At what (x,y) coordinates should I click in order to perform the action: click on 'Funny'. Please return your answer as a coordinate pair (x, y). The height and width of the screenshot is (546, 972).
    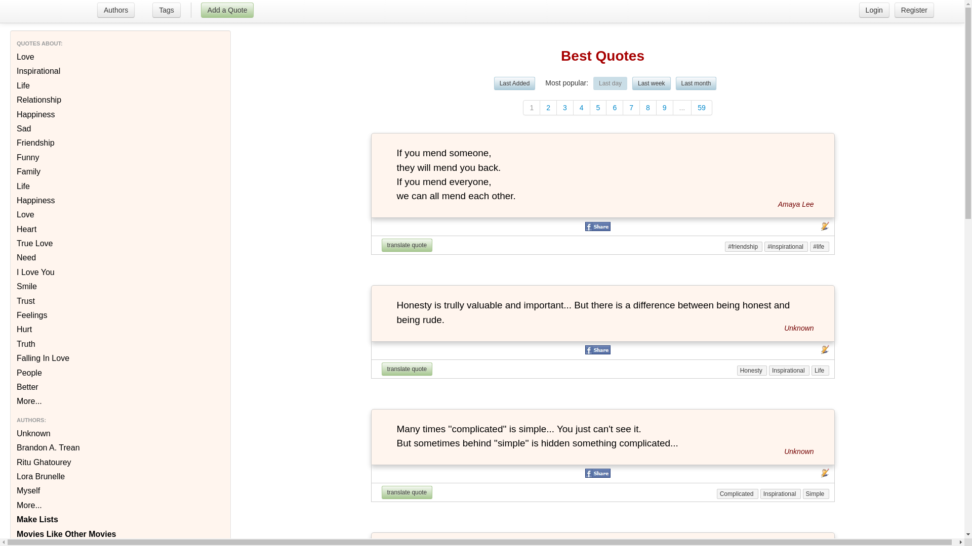
    Looking at the image, I should click on (9, 158).